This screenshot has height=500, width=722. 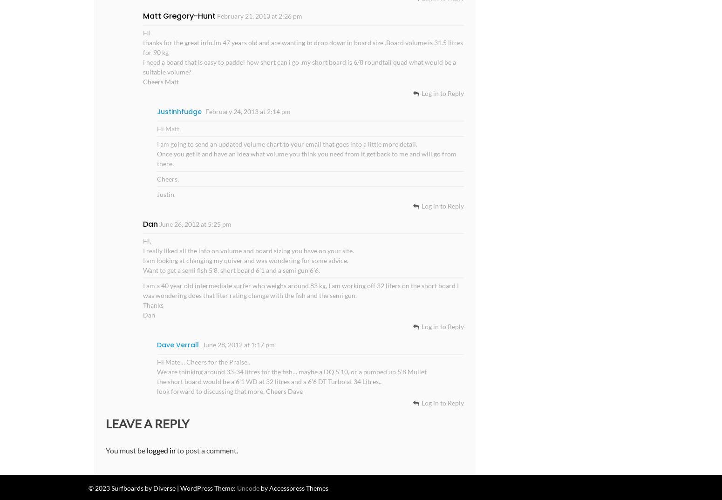 What do you see at coordinates (205, 110) in the screenshot?
I see `'February 24, 2013 at 2:14 pm'` at bounding box center [205, 110].